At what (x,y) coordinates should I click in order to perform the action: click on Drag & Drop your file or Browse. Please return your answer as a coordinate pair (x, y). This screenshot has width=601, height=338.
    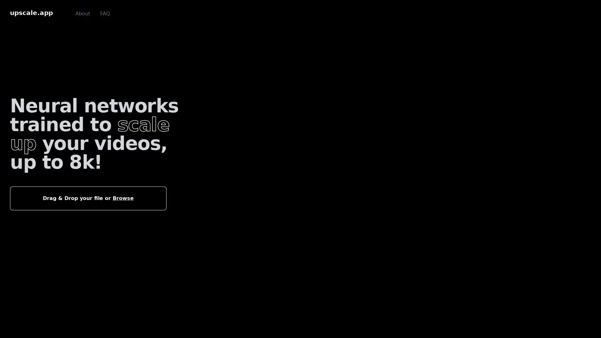
    Looking at the image, I should click on (88, 187).